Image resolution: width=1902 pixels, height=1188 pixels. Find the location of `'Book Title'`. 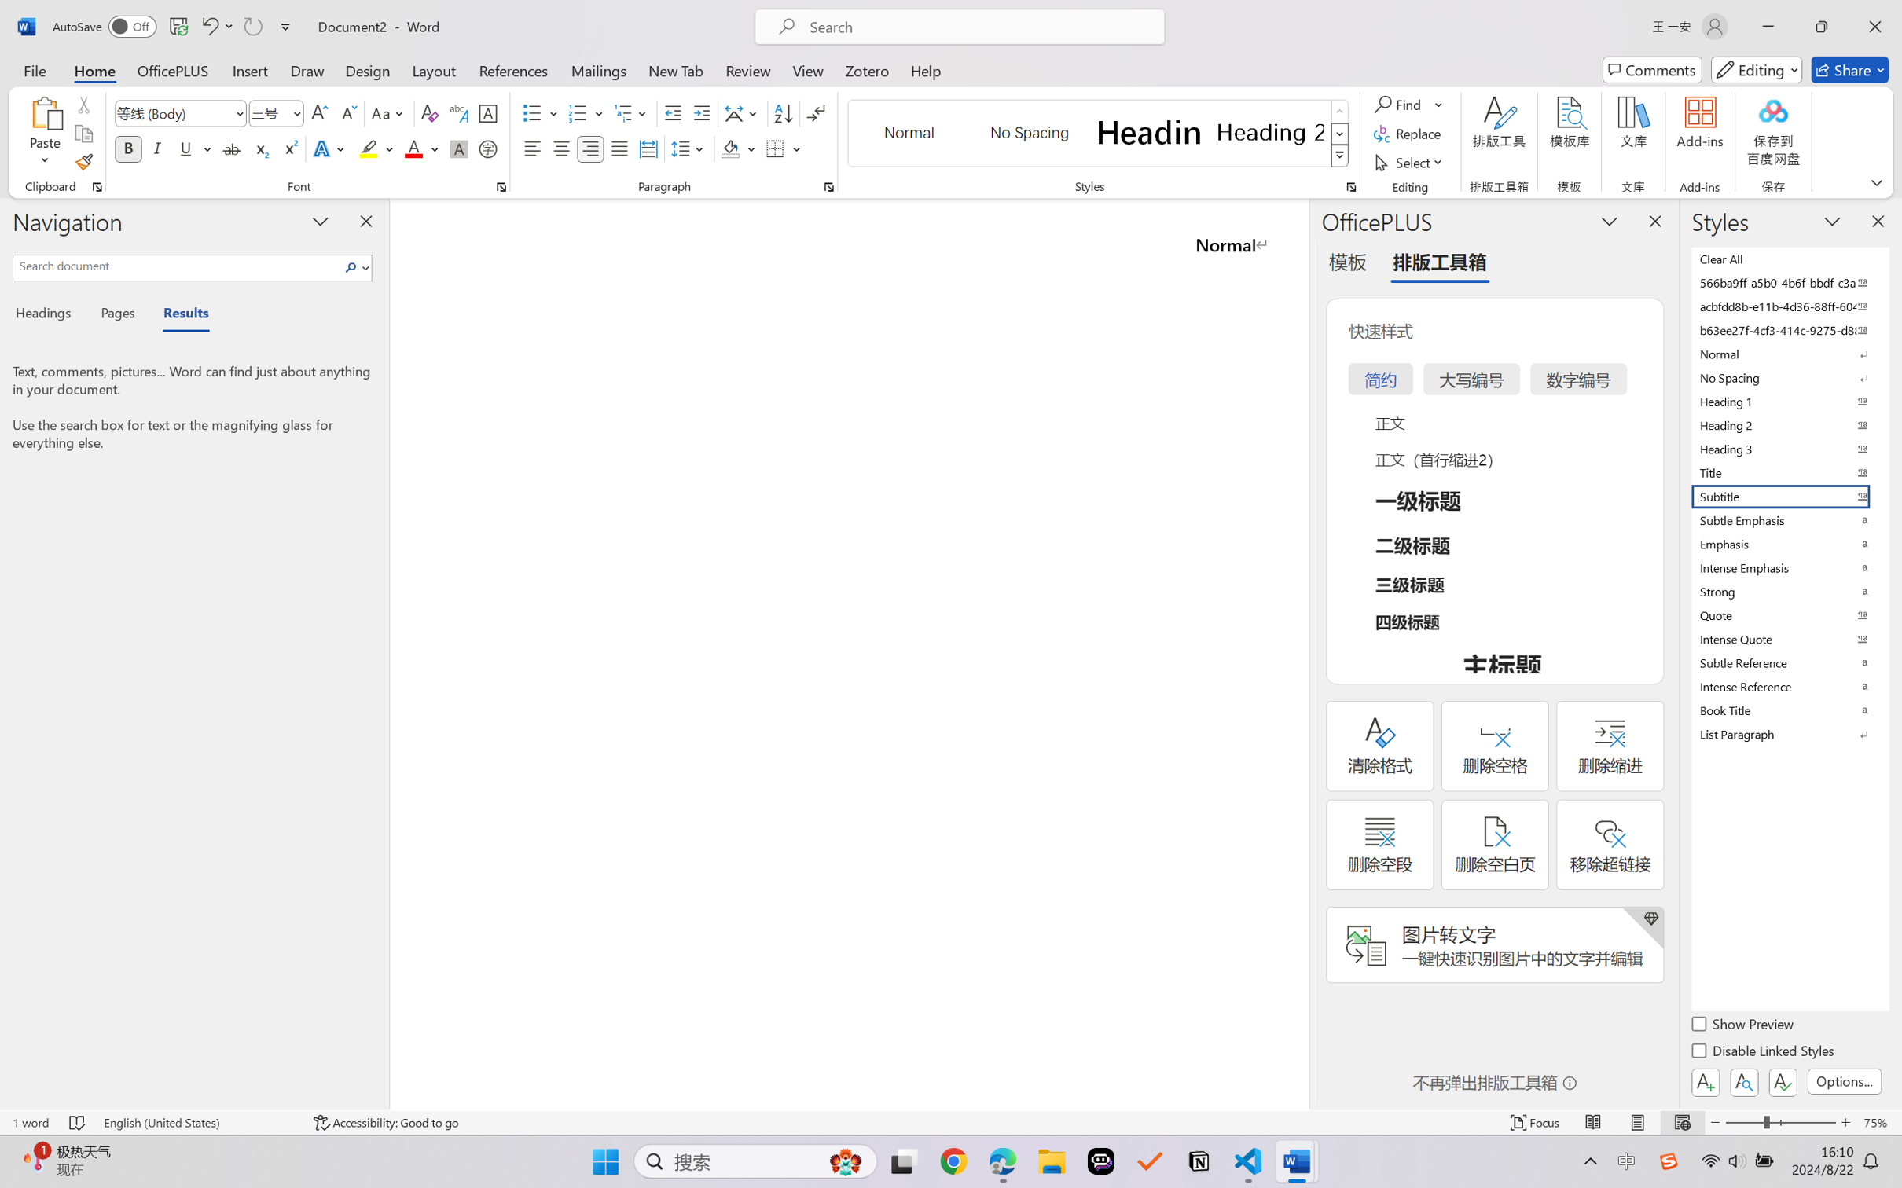

'Book Title' is located at coordinates (1788, 709).